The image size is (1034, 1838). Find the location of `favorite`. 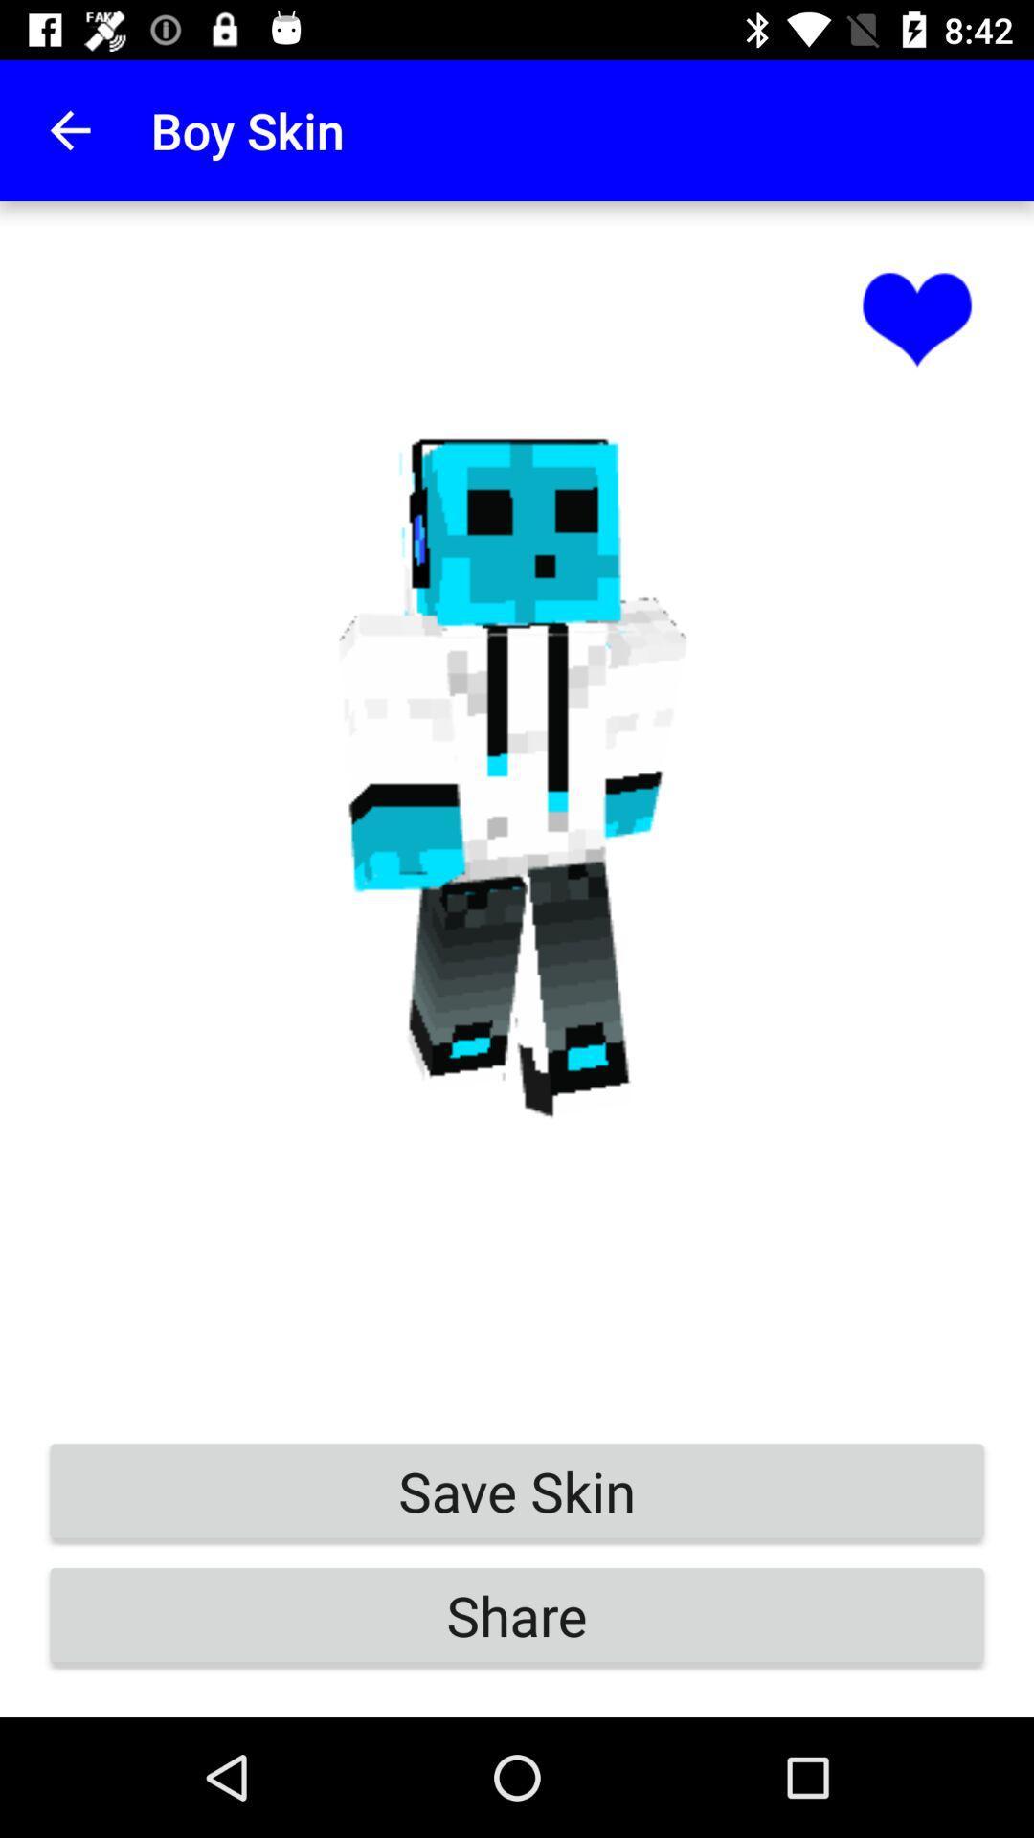

favorite is located at coordinates (916, 317).